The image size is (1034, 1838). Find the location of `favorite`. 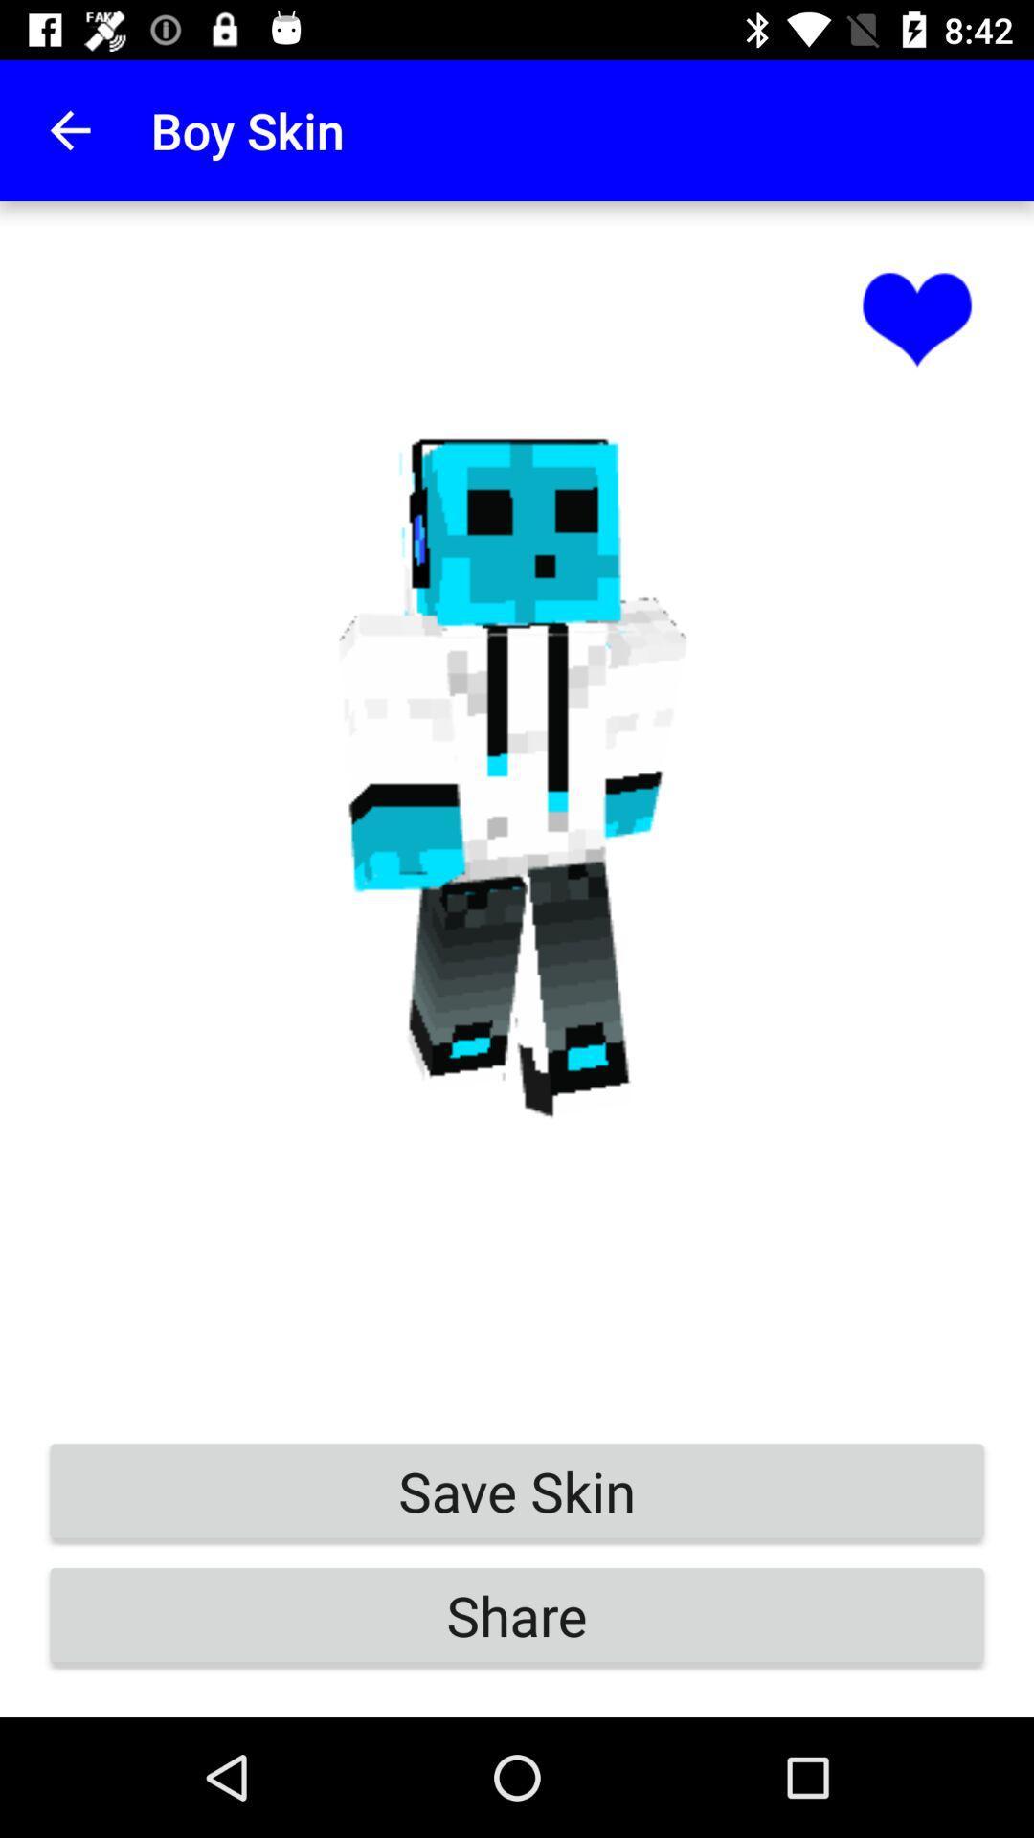

favorite is located at coordinates (916, 317).